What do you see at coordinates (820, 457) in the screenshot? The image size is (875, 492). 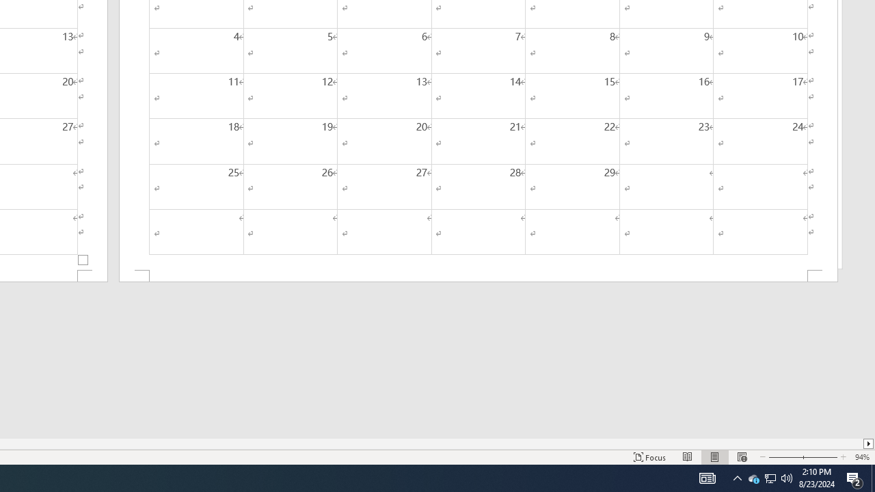 I see `'Zoom In'` at bounding box center [820, 457].